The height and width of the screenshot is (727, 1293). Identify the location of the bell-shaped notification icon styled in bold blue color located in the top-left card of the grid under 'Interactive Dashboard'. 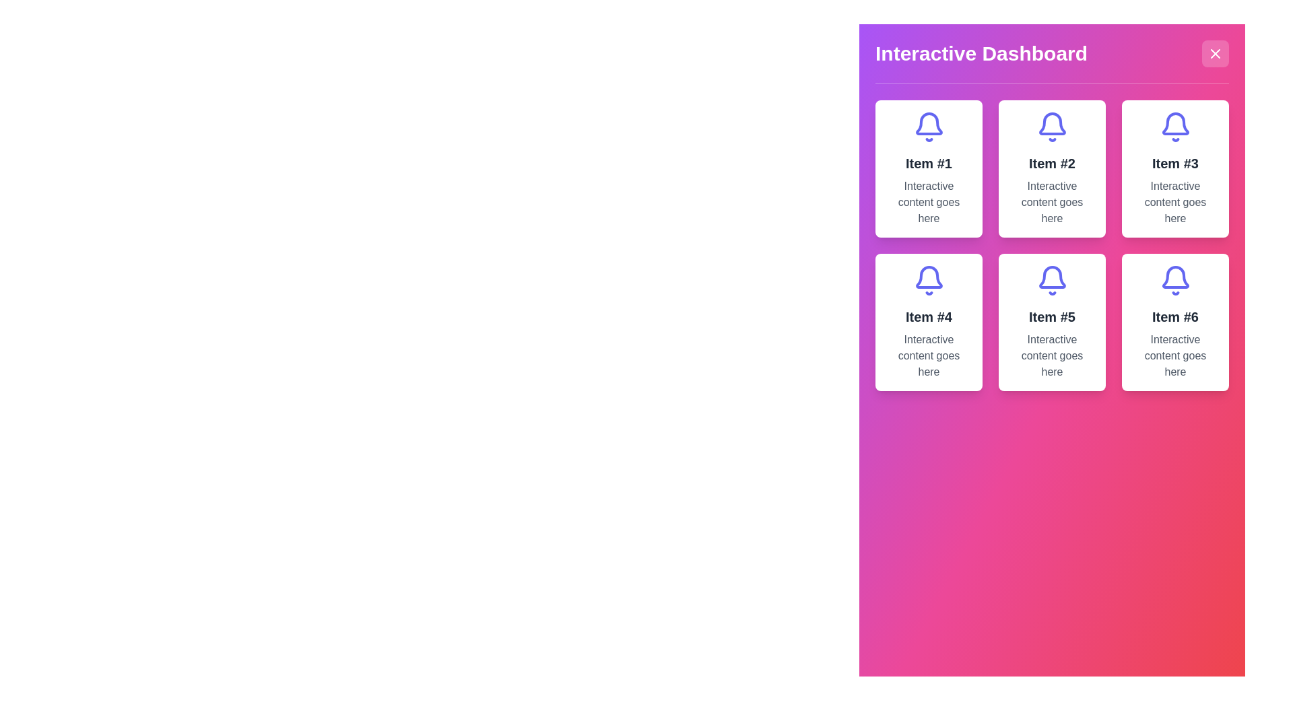
(928, 124).